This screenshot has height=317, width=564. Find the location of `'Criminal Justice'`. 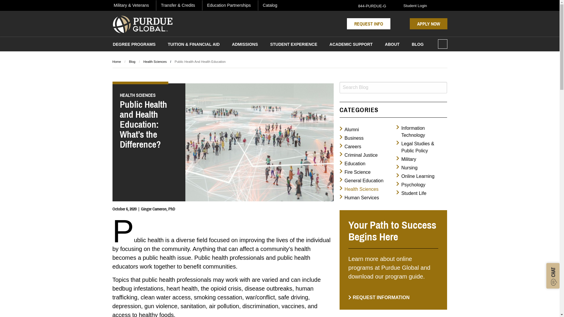

'Criminal Justice' is located at coordinates (358, 155).